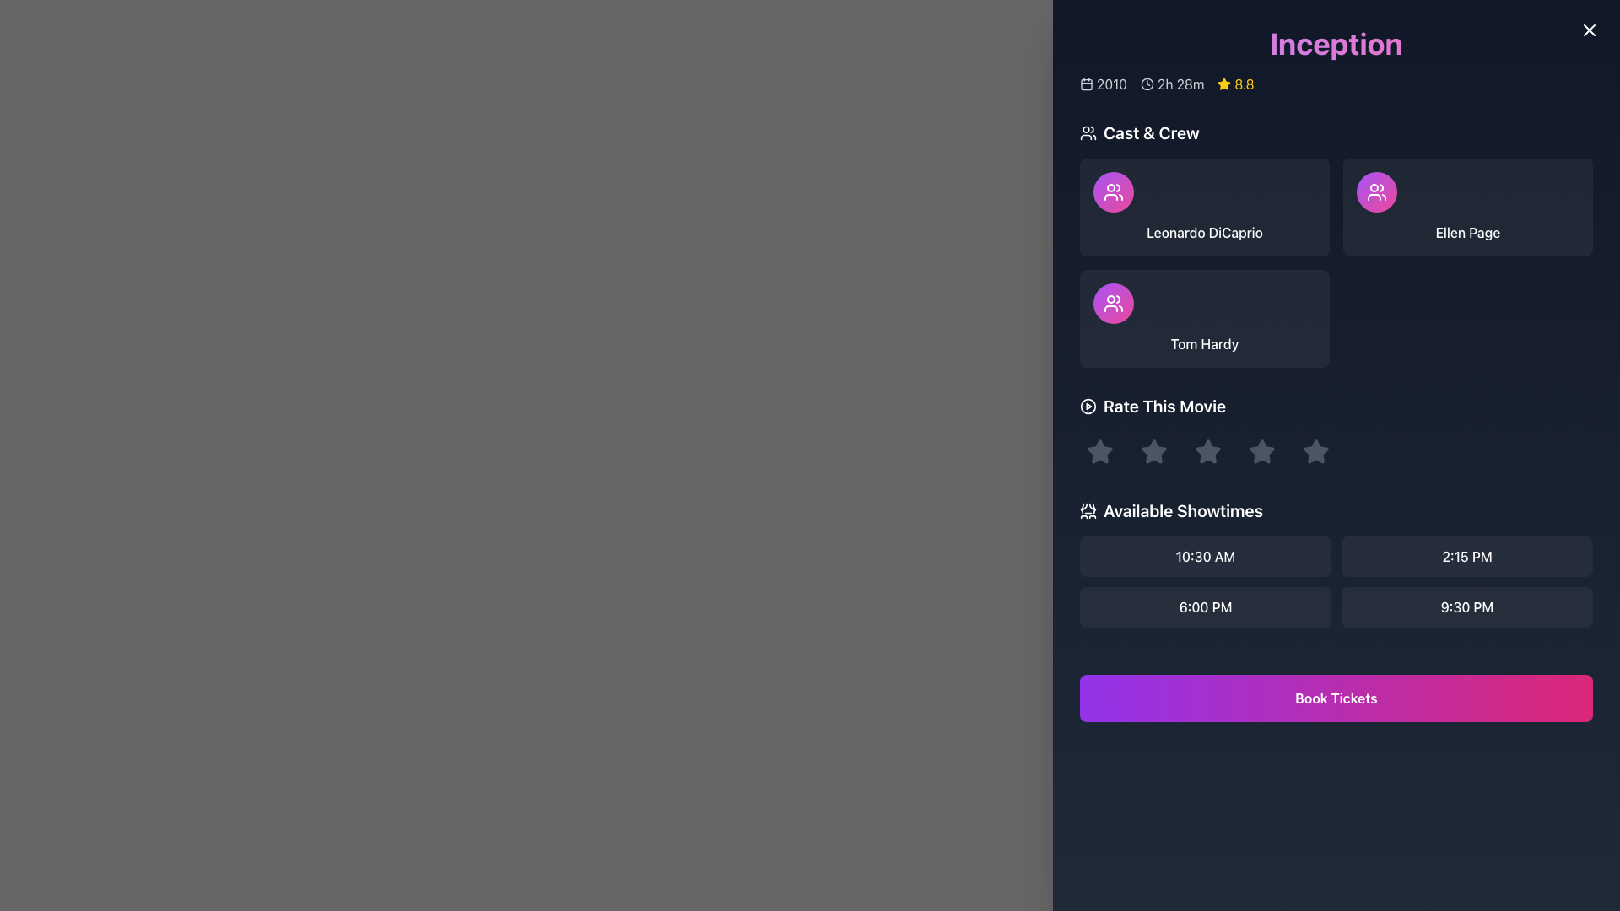  I want to click on the graphical icon representing a group or team, which is located to the left of the 'Cast & Crew' title text in the header section, so click(1088, 132).